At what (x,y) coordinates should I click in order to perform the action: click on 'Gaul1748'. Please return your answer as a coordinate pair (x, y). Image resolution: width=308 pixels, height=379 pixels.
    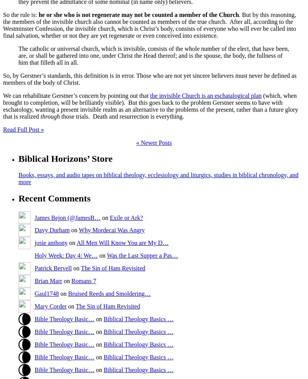
    Looking at the image, I should click on (46, 293).